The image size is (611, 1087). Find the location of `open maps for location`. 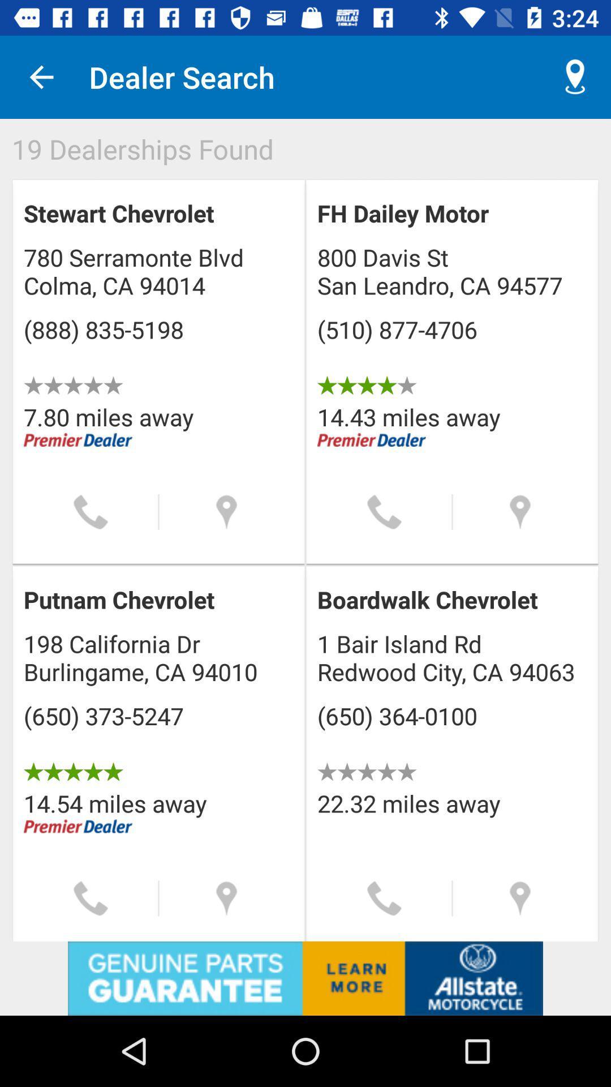

open maps for location is located at coordinates (520, 511).